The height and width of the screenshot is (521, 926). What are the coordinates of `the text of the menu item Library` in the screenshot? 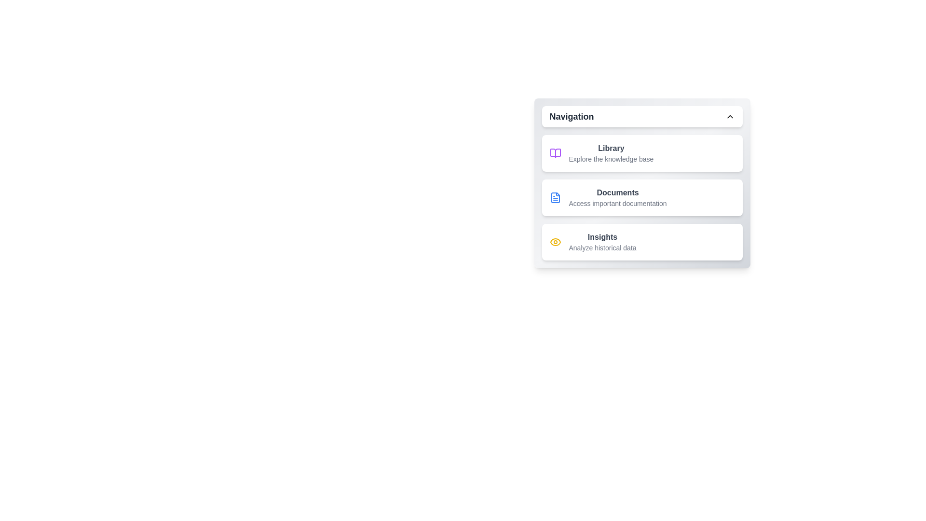 It's located at (579, 145).